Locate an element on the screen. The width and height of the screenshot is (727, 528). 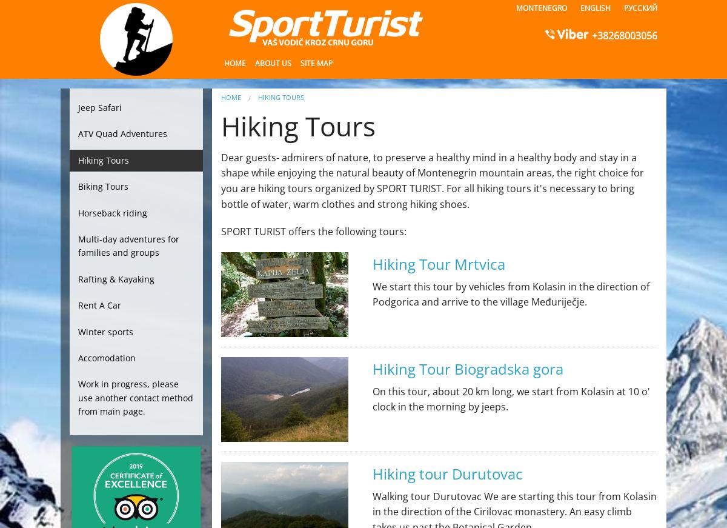
'Work in progress, please use another contact method from main page.' is located at coordinates (135, 397).